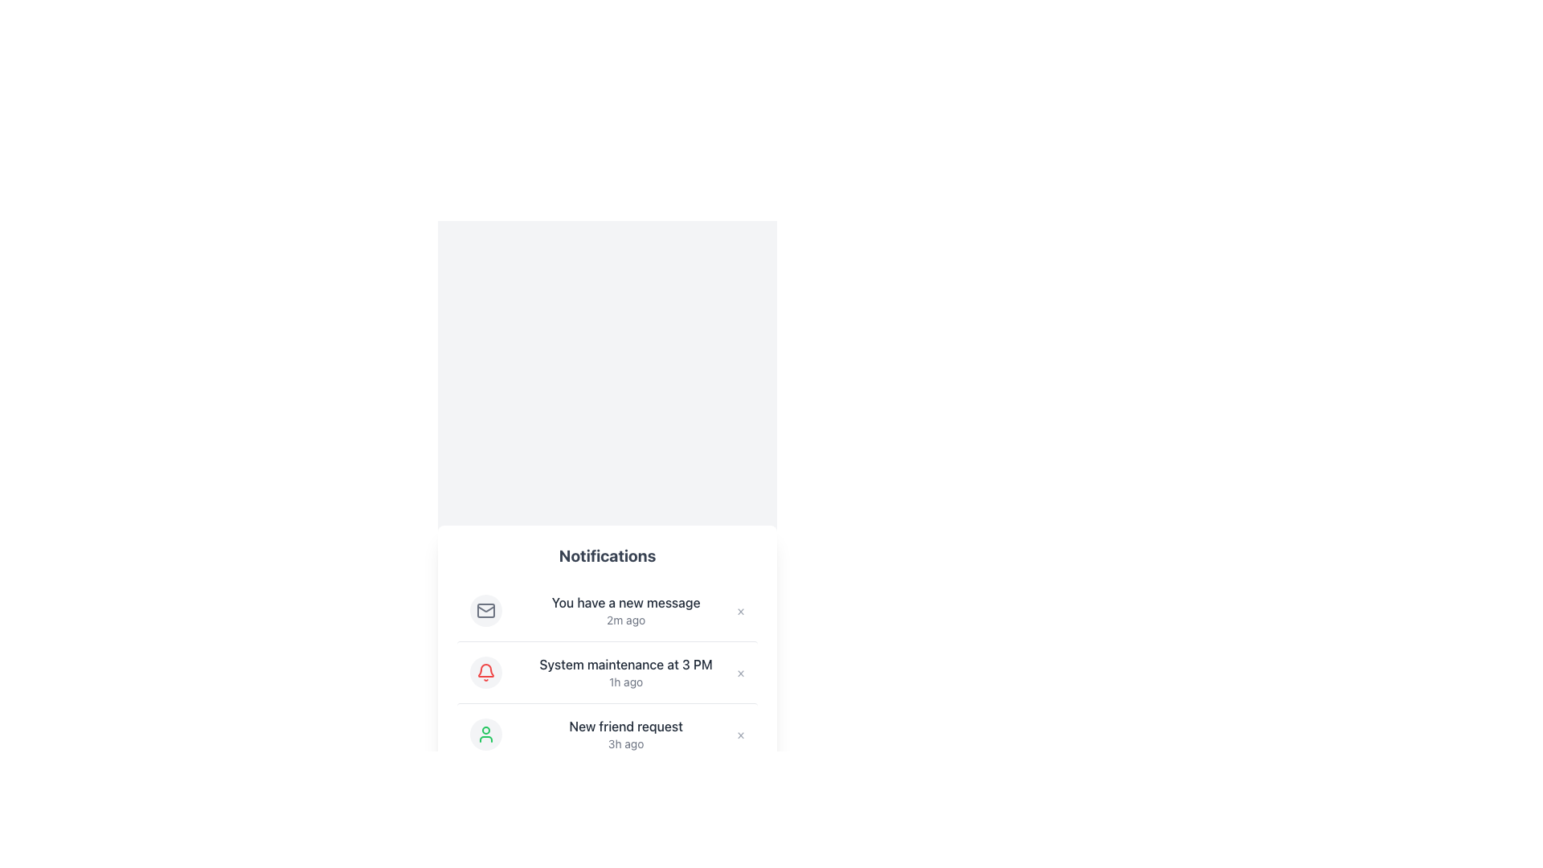  Describe the element at coordinates (625, 673) in the screenshot. I see `the text block displaying 'System maintenance at 3 PM' which is the second item in the notification list` at that location.